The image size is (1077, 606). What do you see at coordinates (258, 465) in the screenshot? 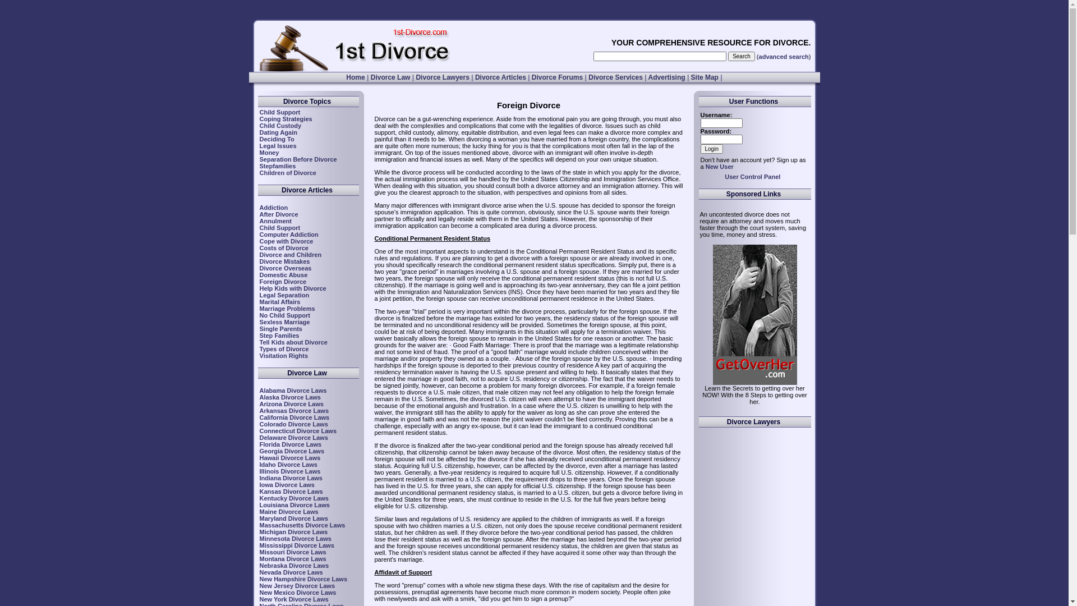
I see `'Idaho Divorce Laws'` at bounding box center [258, 465].